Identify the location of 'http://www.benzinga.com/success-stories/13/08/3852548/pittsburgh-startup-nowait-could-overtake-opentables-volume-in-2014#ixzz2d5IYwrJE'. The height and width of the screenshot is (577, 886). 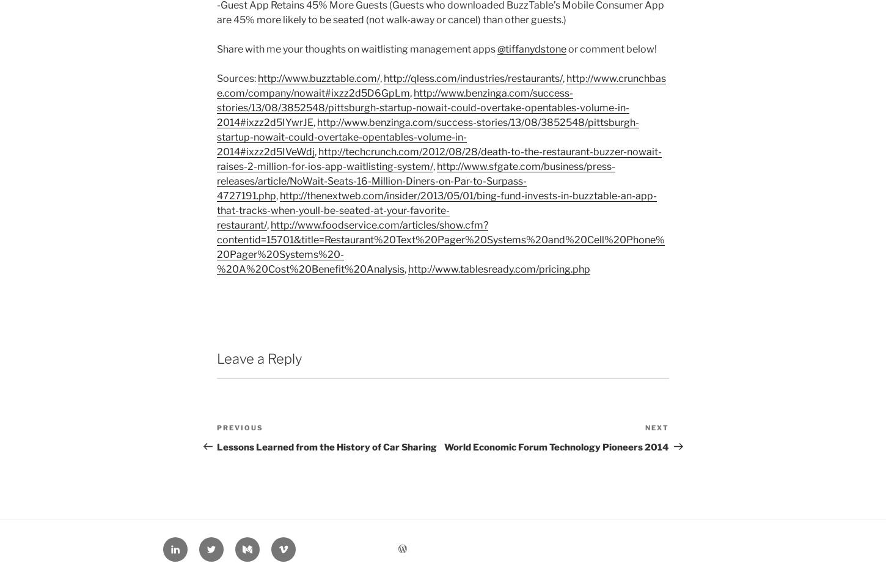
(422, 108).